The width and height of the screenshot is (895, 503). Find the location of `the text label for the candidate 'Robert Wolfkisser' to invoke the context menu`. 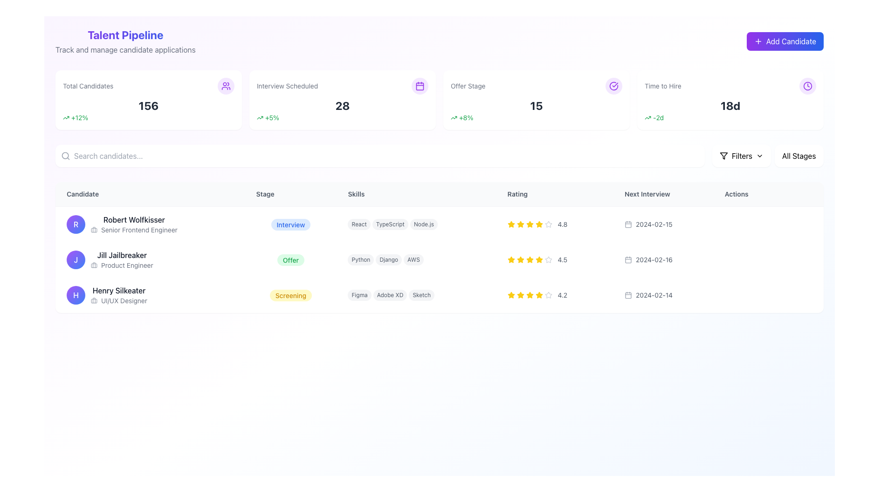

the text label for the candidate 'Robert Wolfkisser' to invoke the context menu is located at coordinates (133, 219).